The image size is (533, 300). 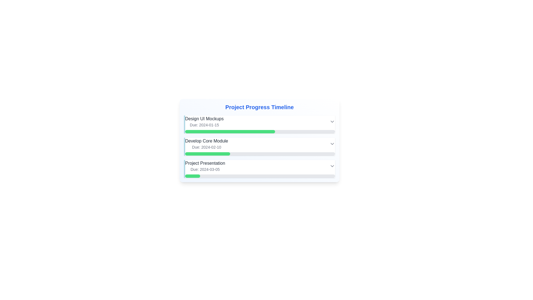 What do you see at coordinates (205, 163) in the screenshot?
I see `the Text label that serves as a title or identifier for a specific task or item in the list, located above the progress bar and below the 'Develop Core Module' item` at bounding box center [205, 163].